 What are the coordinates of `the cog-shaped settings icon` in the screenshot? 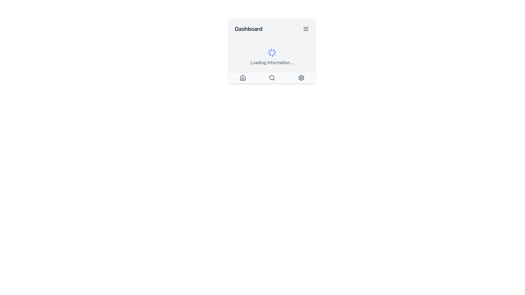 It's located at (301, 78).